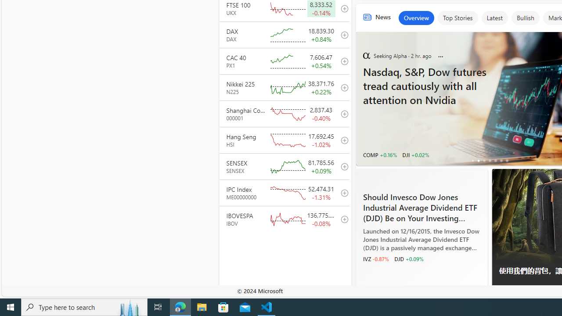  What do you see at coordinates (494, 18) in the screenshot?
I see `'Latest'` at bounding box center [494, 18].